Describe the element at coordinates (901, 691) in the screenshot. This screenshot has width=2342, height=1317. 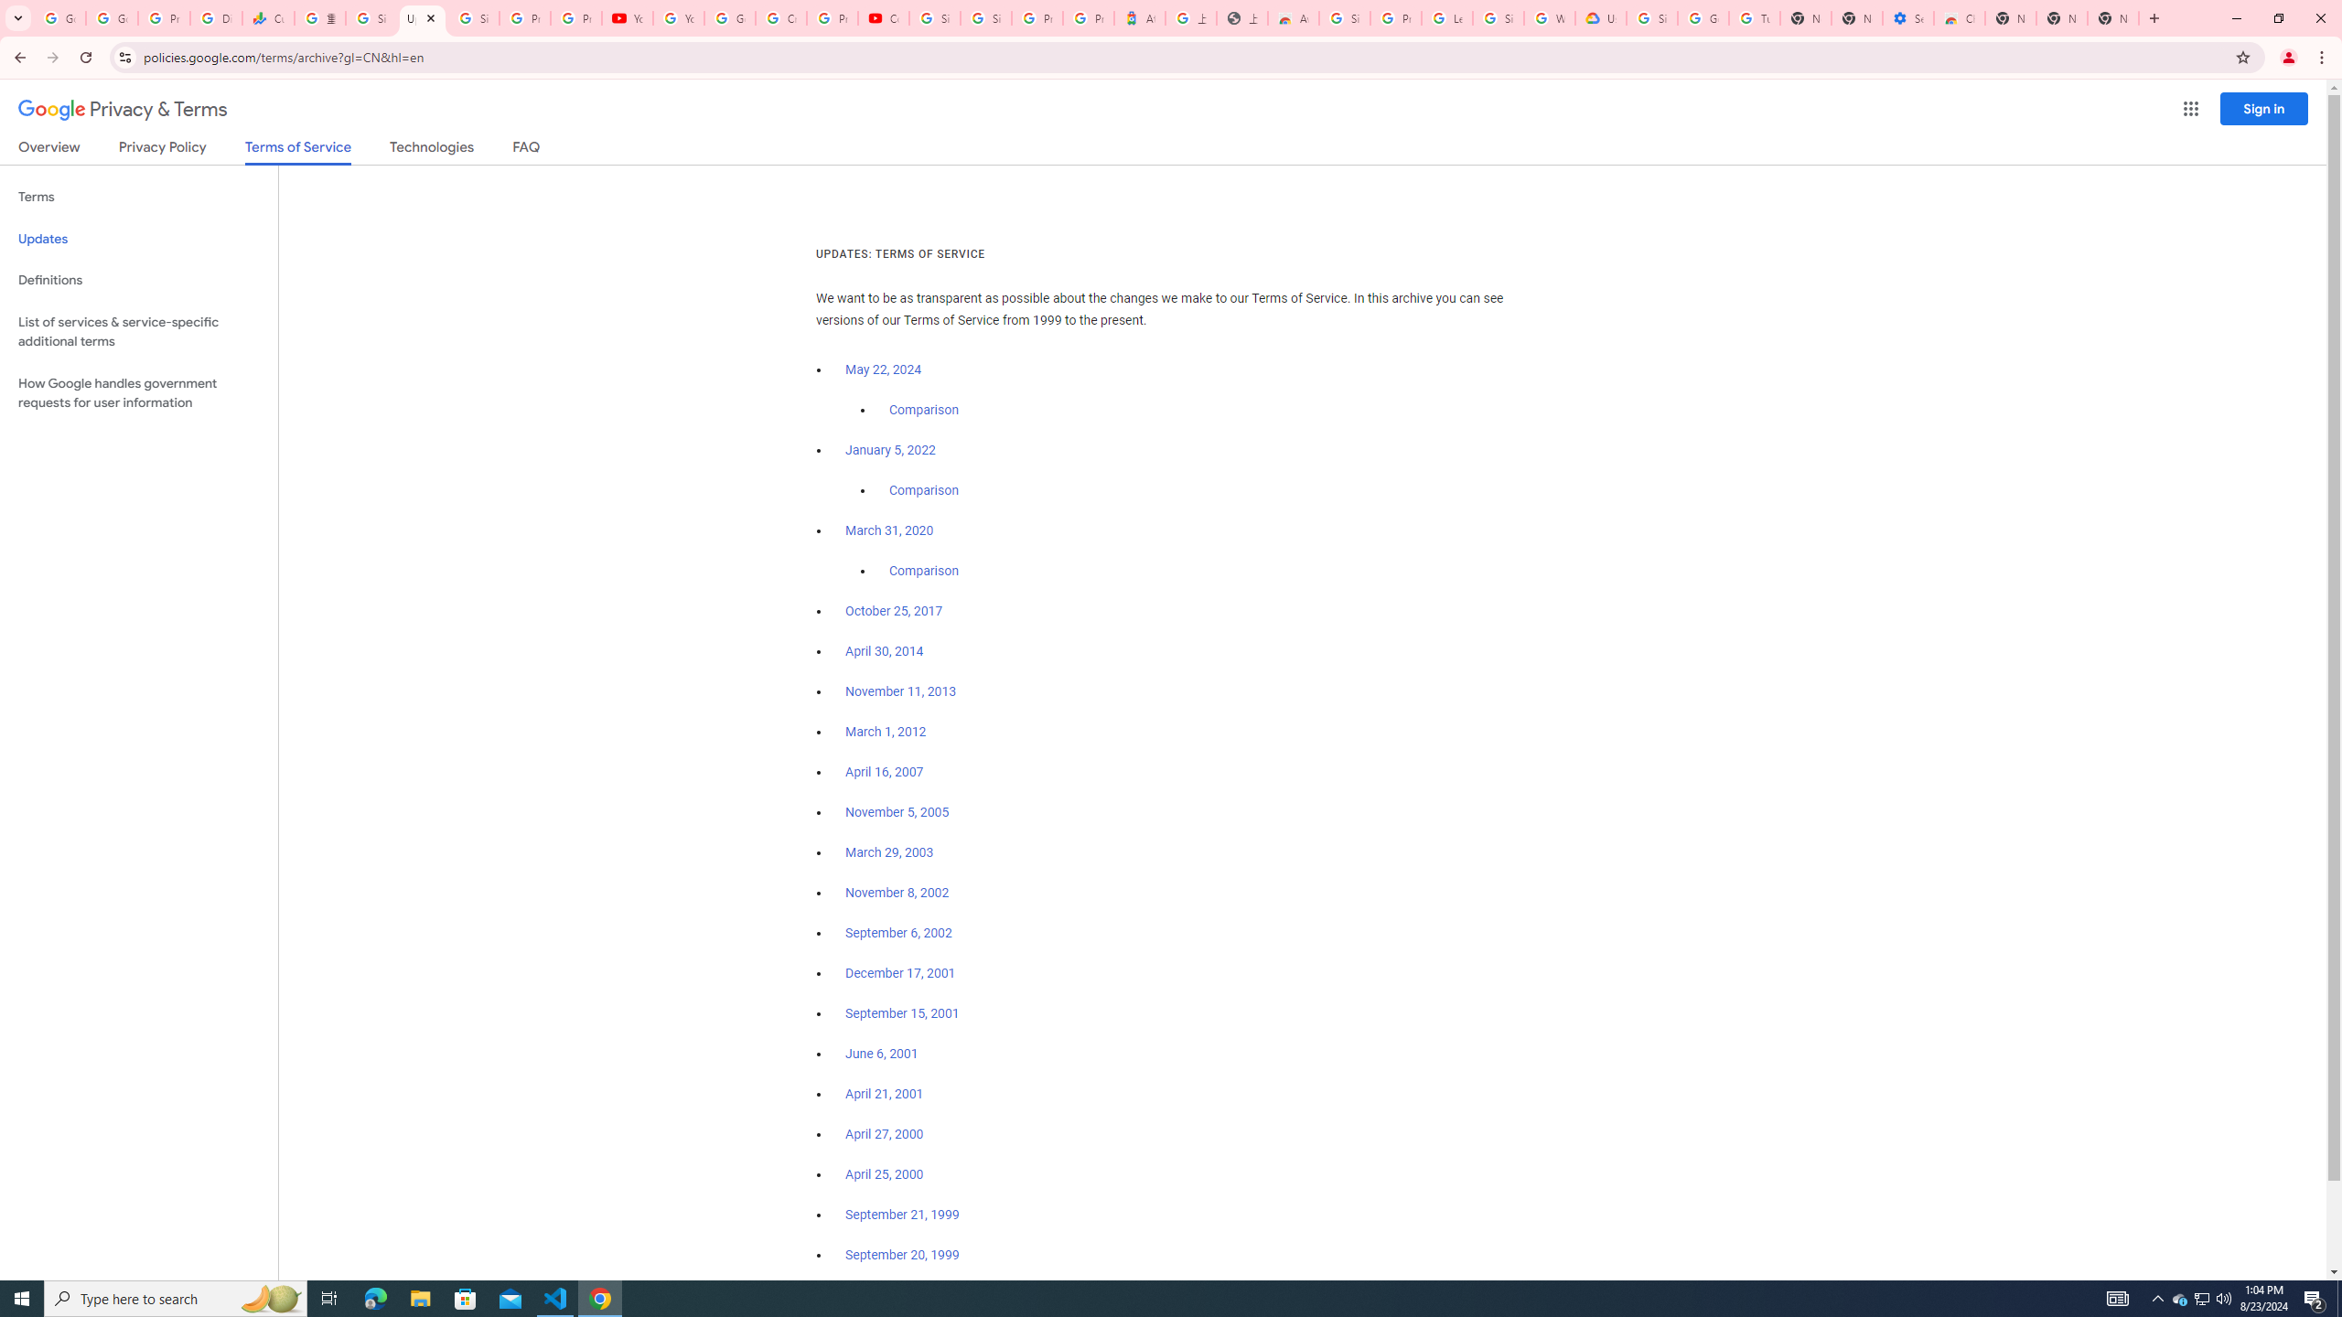
I see `'November 11, 2013'` at that location.